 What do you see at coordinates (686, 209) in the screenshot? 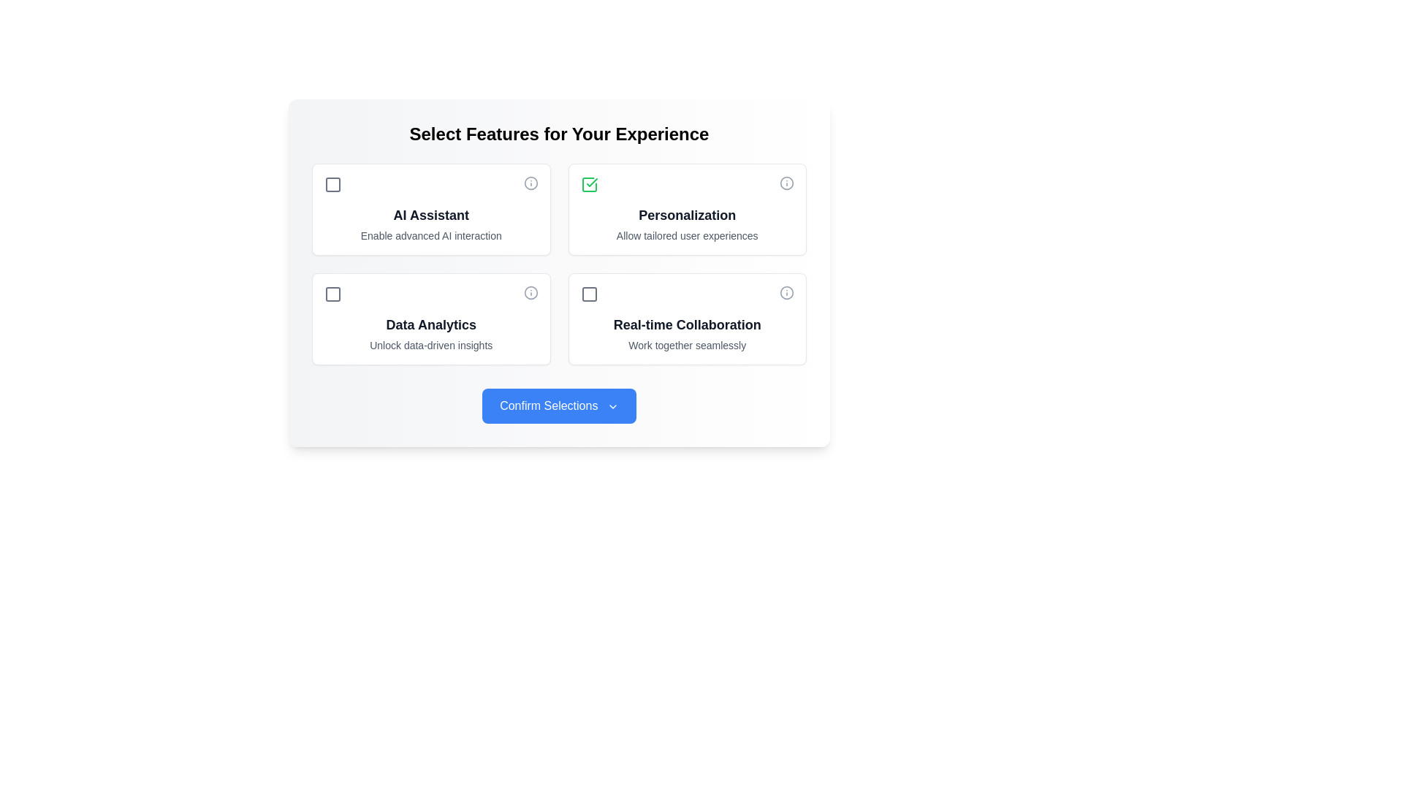
I see `the checkbox on the 'Personalization' feature selection card located in the top-right slot of the grid` at bounding box center [686, 209].